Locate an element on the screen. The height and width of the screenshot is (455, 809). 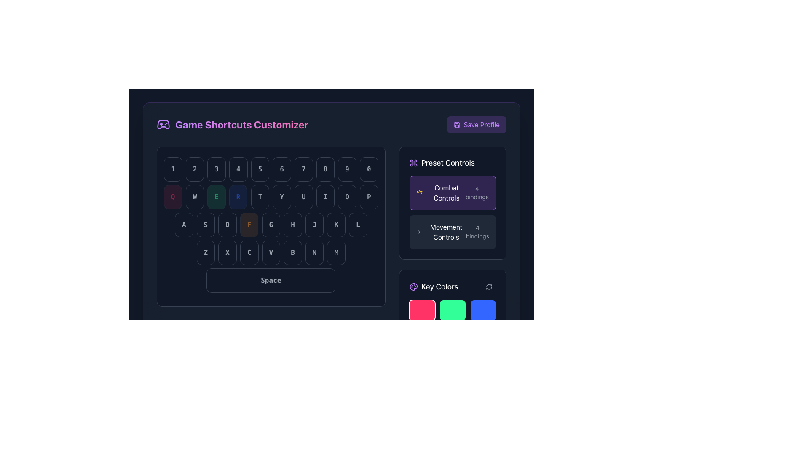
the button labeled 'D', which is a rectangular button with rounded corners and a dark background, as part of the control configuration is located at coordinates (228, 224).